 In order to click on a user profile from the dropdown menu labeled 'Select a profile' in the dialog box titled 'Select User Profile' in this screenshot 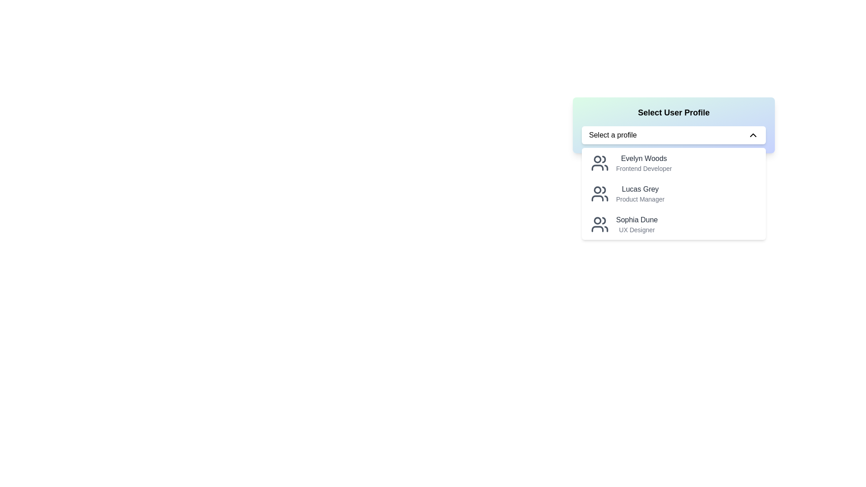, I will do `click(673, 198)`.